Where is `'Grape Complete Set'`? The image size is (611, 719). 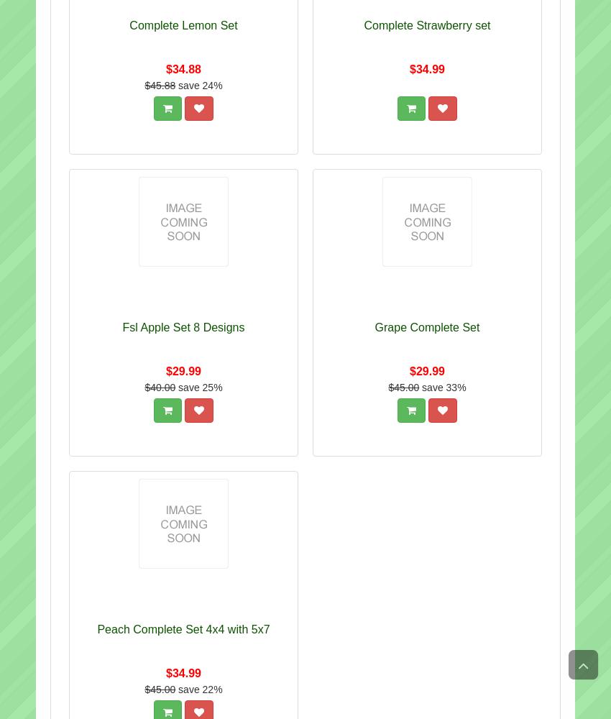
'Grape Complete Set' is located at coordinates (426, 326).